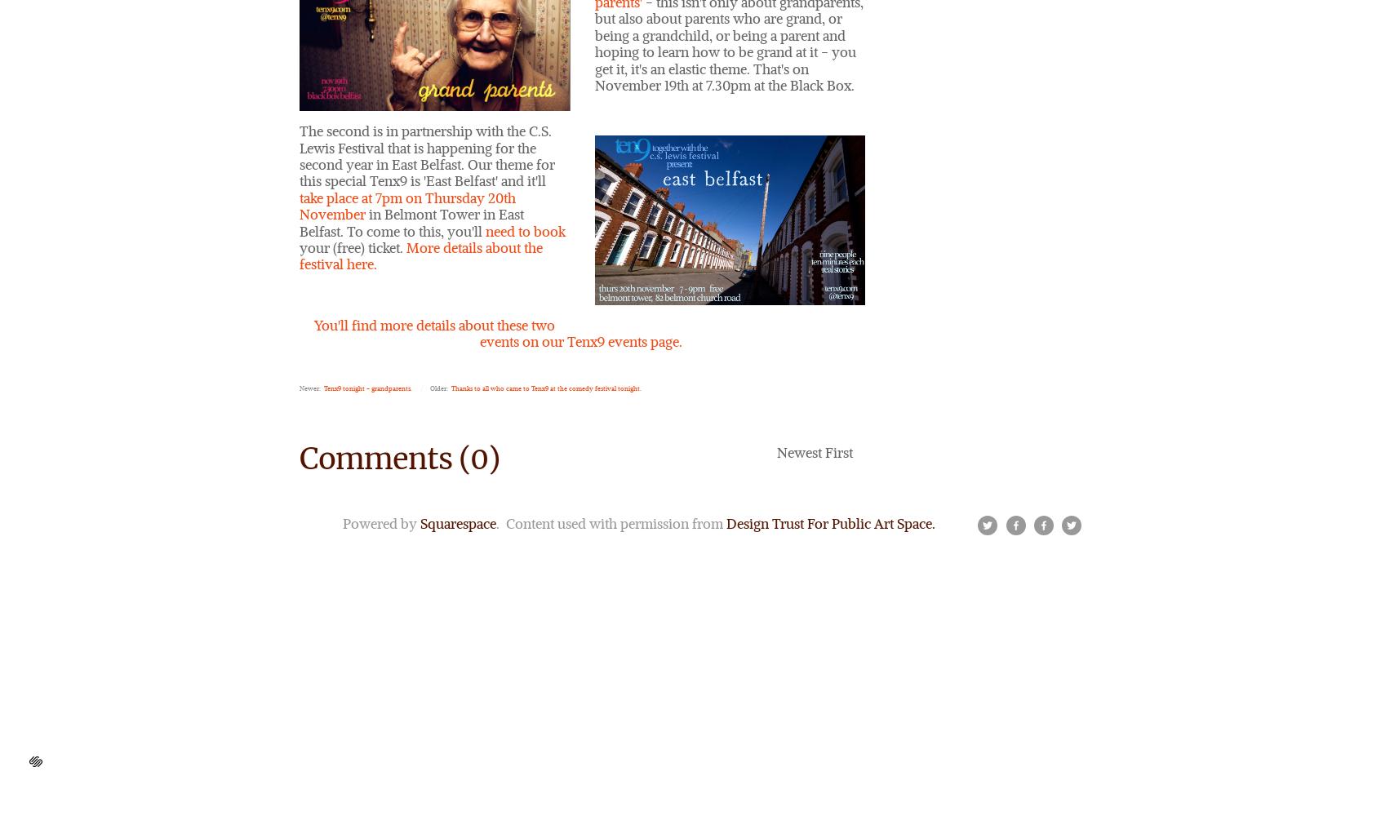 This screenshot has height=816, width=1381. What do you see at coordinates (380, 523) in the screenshot?
I see `'Powered by'` at bounding box center [380, 523].